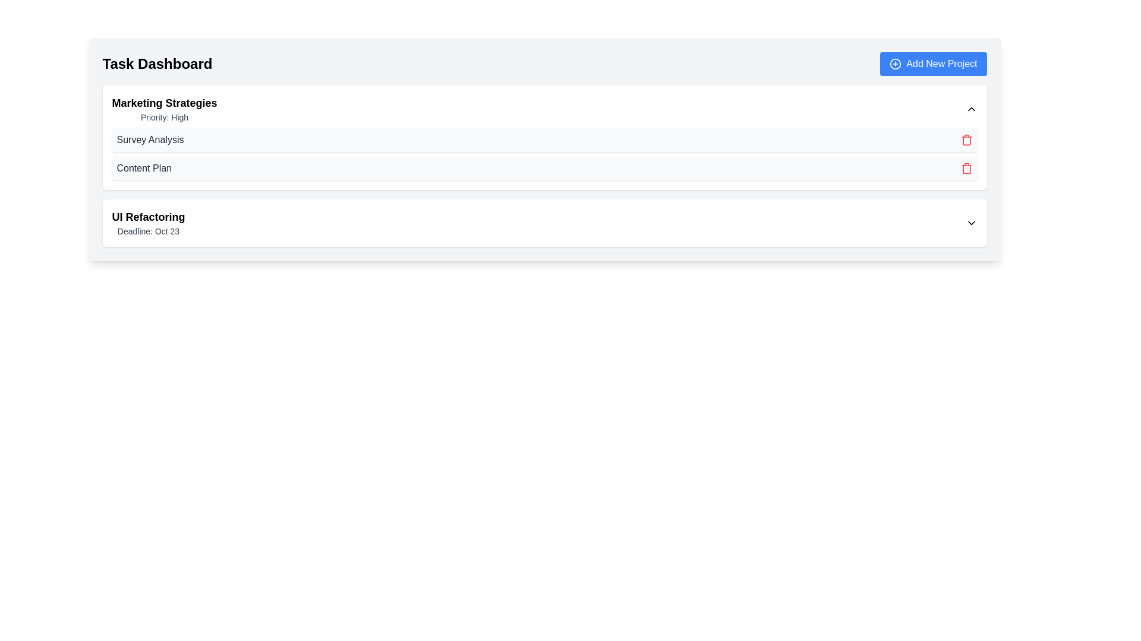 The image size is (1141, 641). I want to click on the static text heading that indicates the task title and priority, located near the top left area of the dashboard, above the 'Survey Analysis' and 'Content Plan' sections, so click(164, 109).